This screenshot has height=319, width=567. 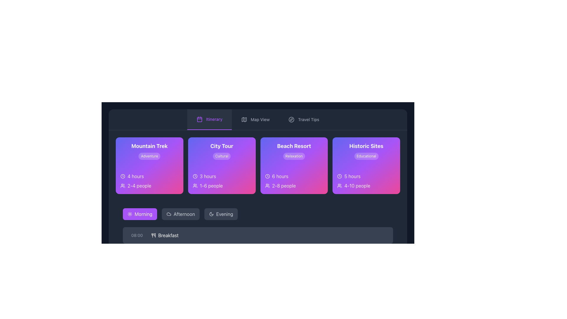 What do you see at coordinates (209, 120) in the screenshot?
I see `the 'Itinerary' navigation tab, which features a purple calendar icon and the text 'Itinerary' on a dark semi-transparent background, to observe hover effects` at bounding box center [209, 120].